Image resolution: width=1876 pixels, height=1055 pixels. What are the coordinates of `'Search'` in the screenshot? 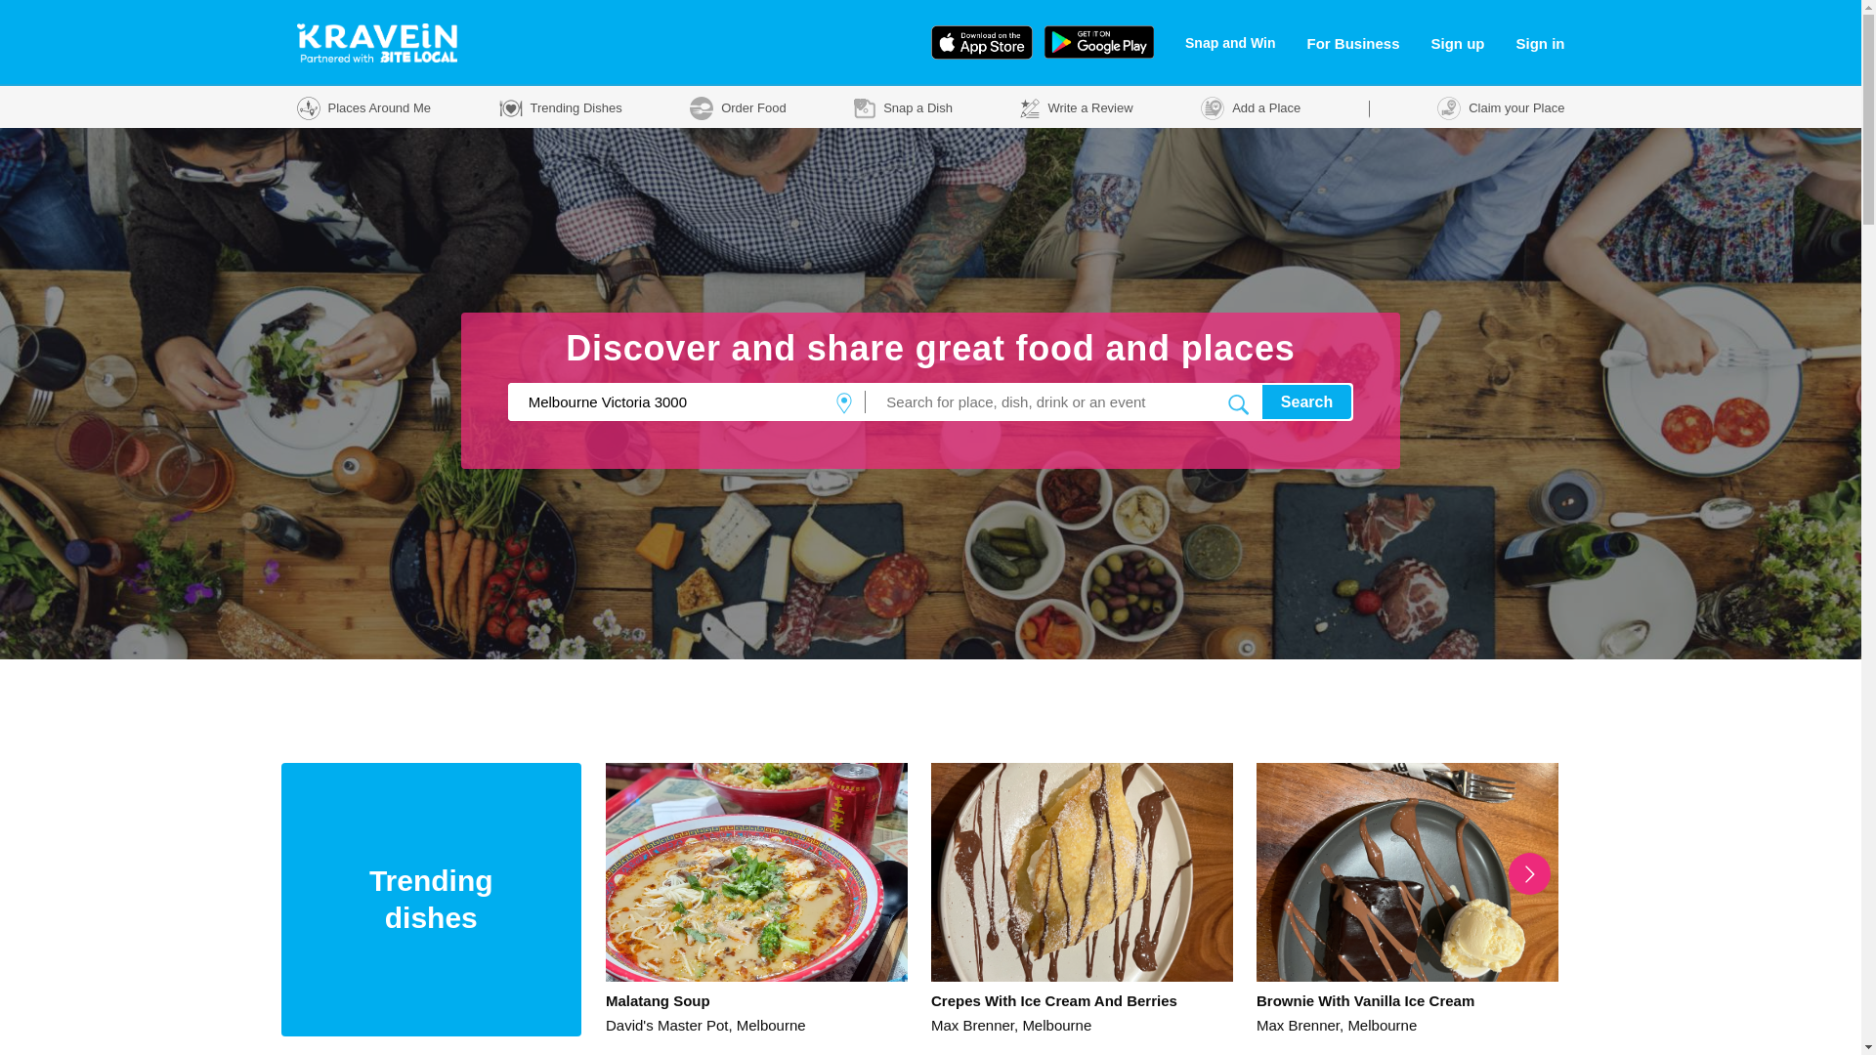 It's located at (1261, 401).